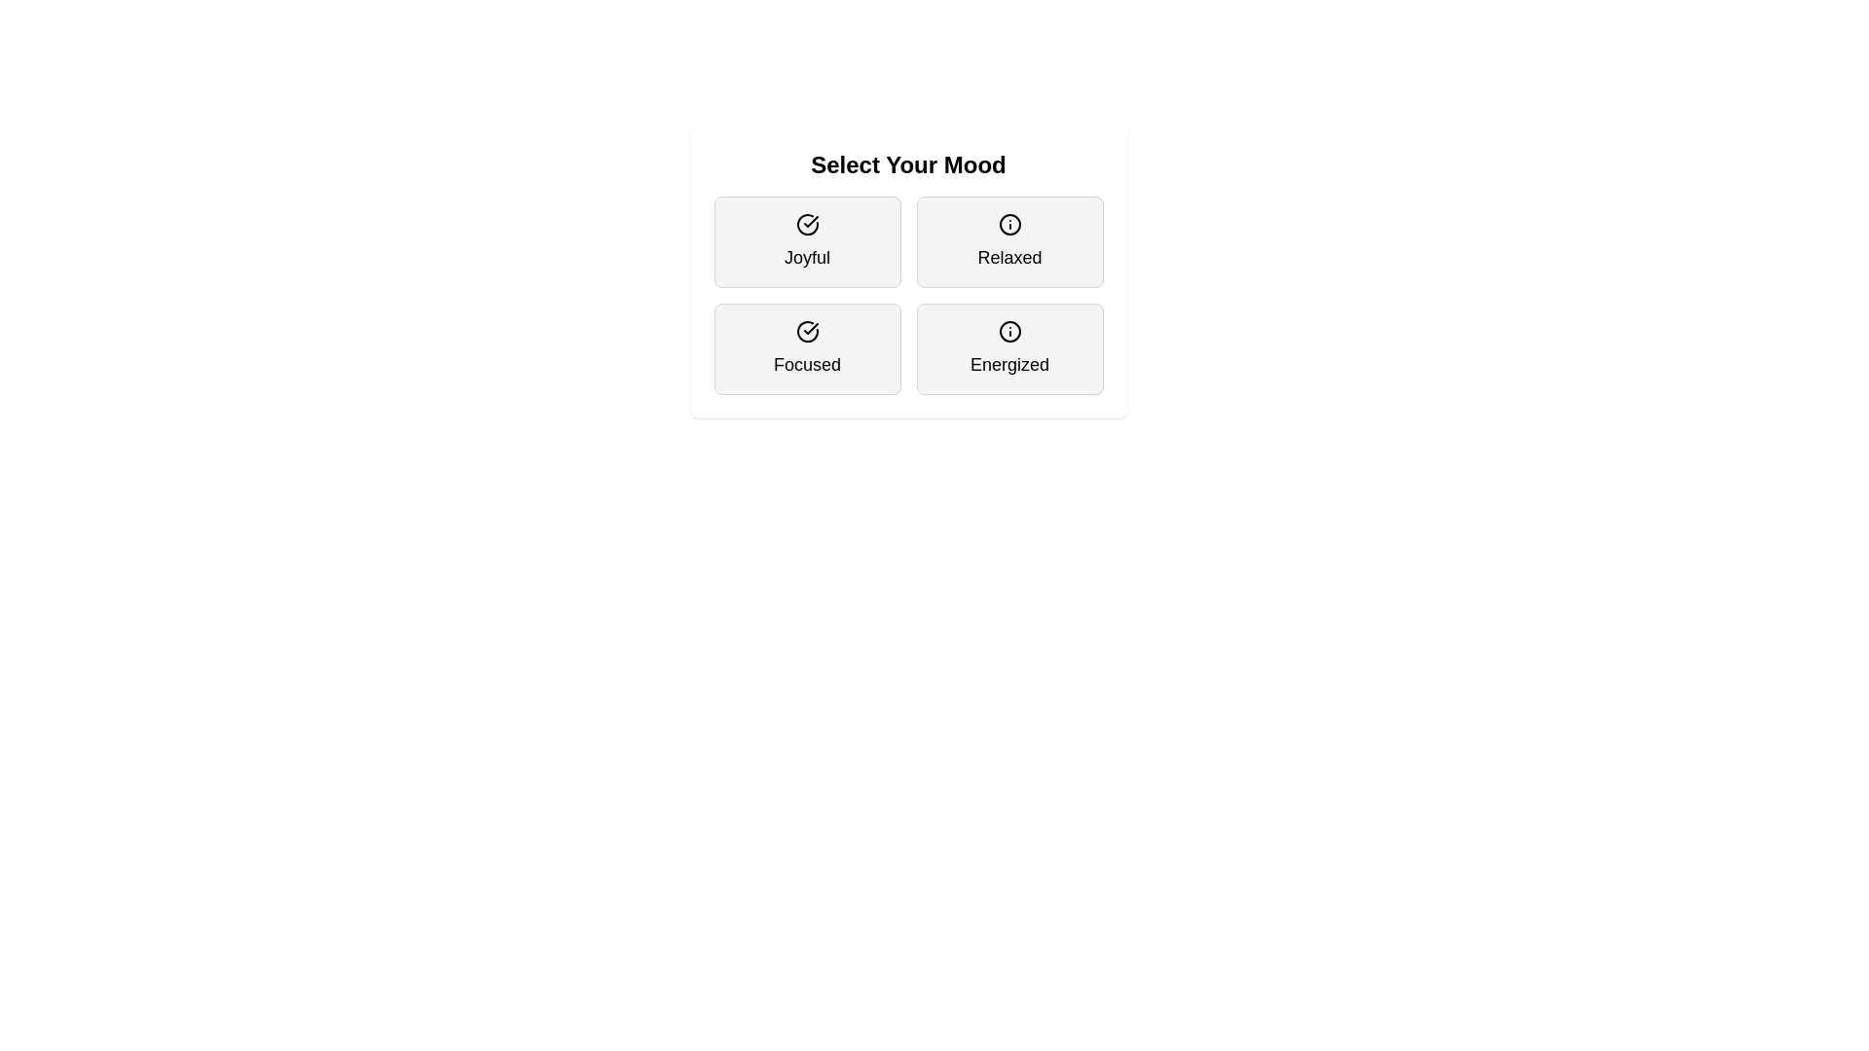 The image size is (1869, 1051). Describe the element at coordinates (807, 241) in the screenshot. I see `the mood Joyful by clicking on its corresponding button` at that location.